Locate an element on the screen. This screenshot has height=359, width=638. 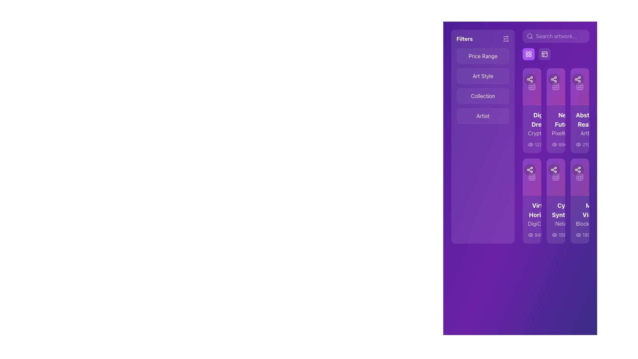
the 'Virtual Horizons' card, which features bold white text and a highlighted purple badge displaying '1.5 ETH'. This card is located in the second column of the second row in a grid layout, surrounded by 'Neon Futures' and 'Cyber Synthesis' is located at coordinates (532, 201).